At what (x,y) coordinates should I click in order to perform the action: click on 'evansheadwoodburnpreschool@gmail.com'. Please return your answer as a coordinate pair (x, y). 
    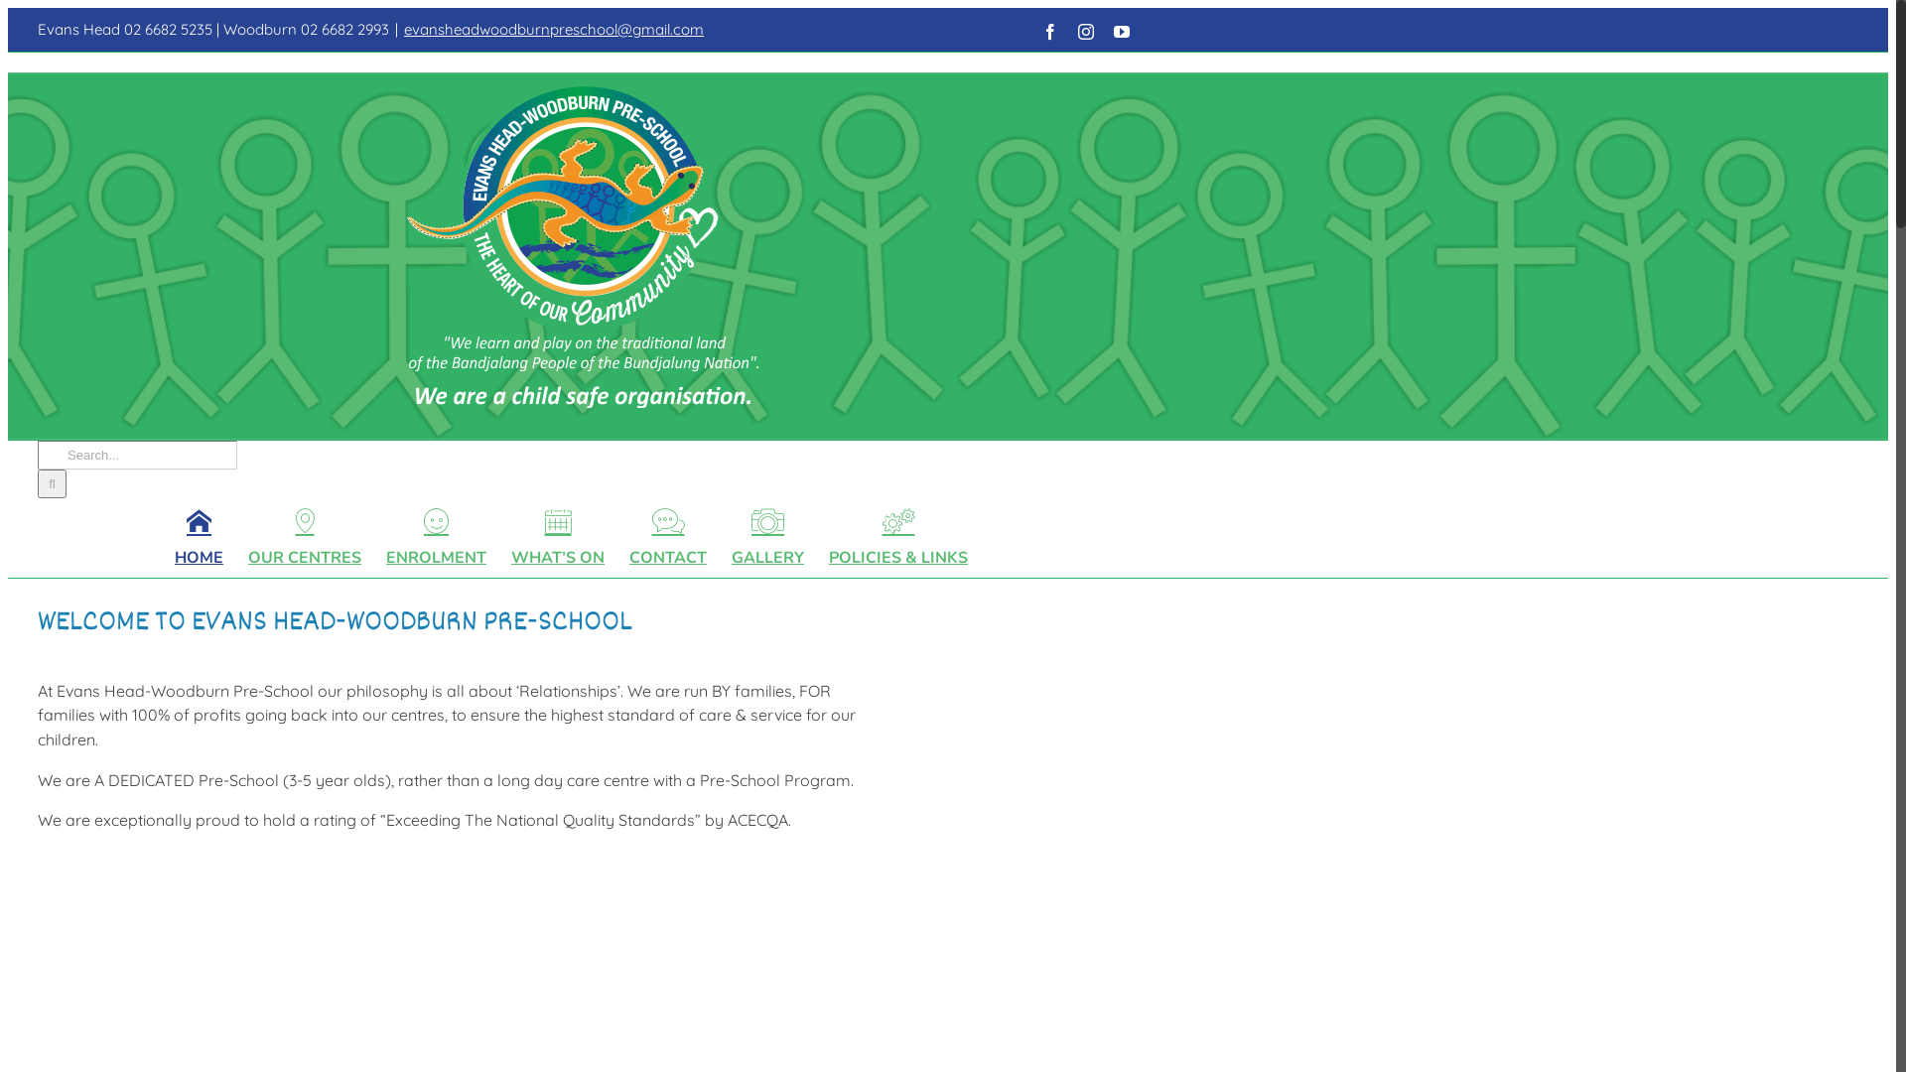
    Looking at the image, I should click on (553, 29).